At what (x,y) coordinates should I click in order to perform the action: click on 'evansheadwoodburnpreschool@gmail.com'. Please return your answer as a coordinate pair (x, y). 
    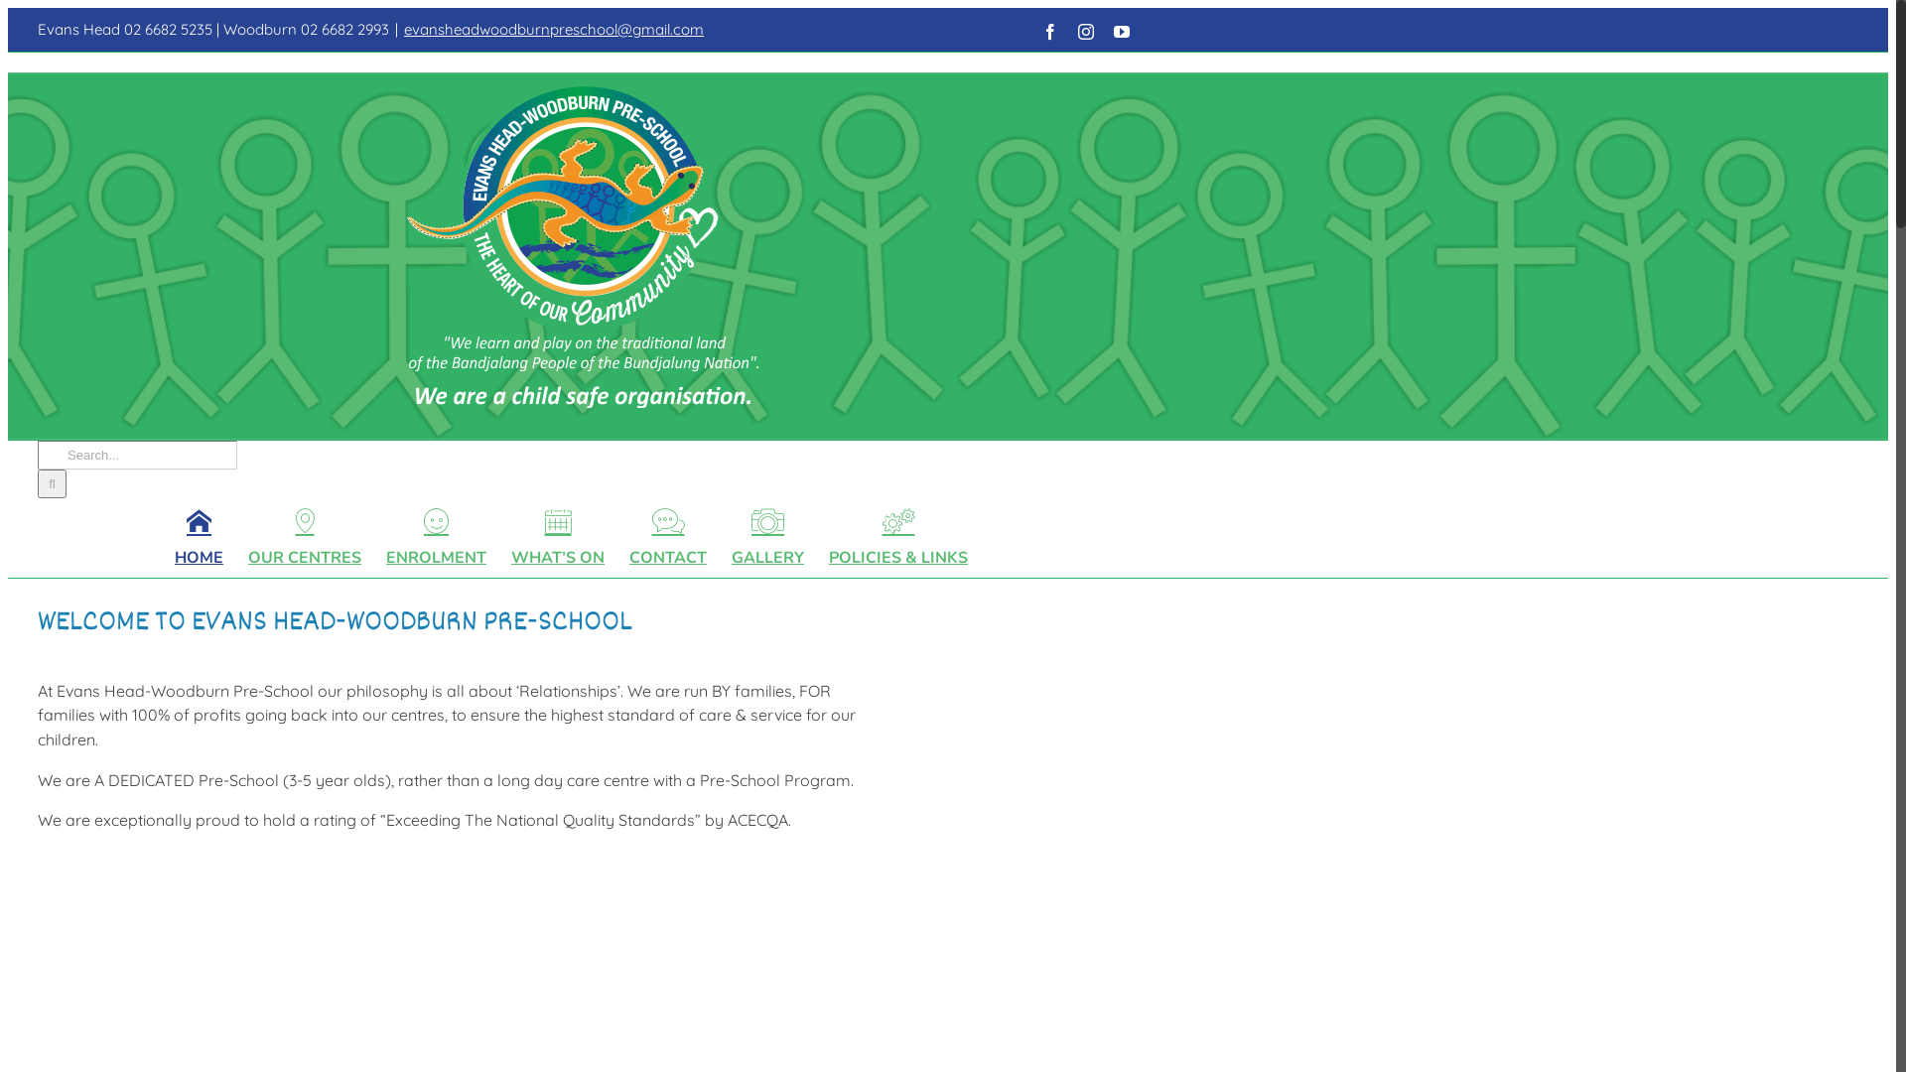
    Looking at the image, I should click on (553, 29).